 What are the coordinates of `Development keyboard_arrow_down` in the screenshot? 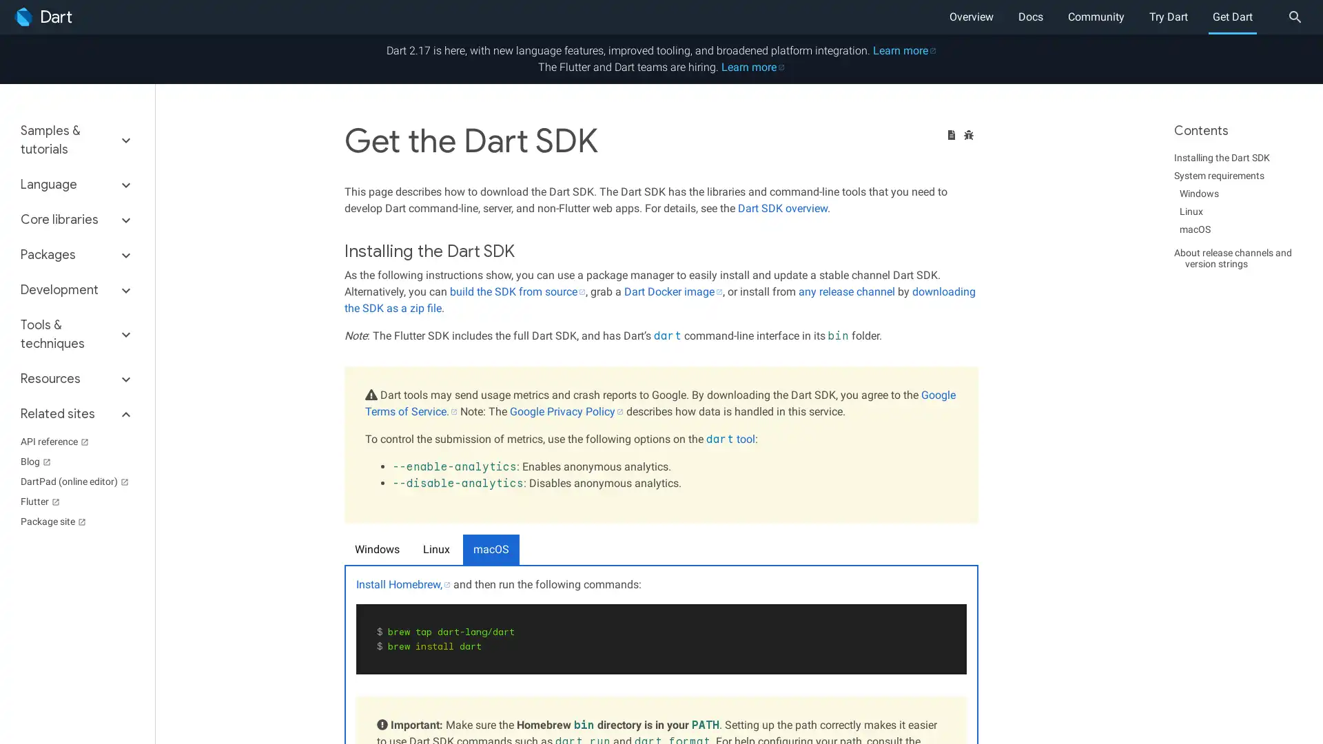 It's located at (76, 289).